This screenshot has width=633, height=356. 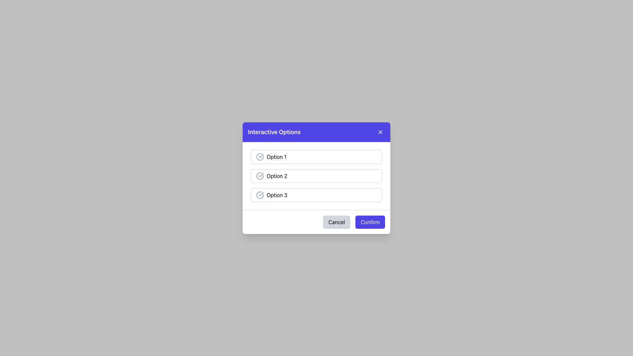 I want to click on the checked state icon of 'Option 2' checkbox, which visually indicates that the option is selected, so click(x=261, y=156).